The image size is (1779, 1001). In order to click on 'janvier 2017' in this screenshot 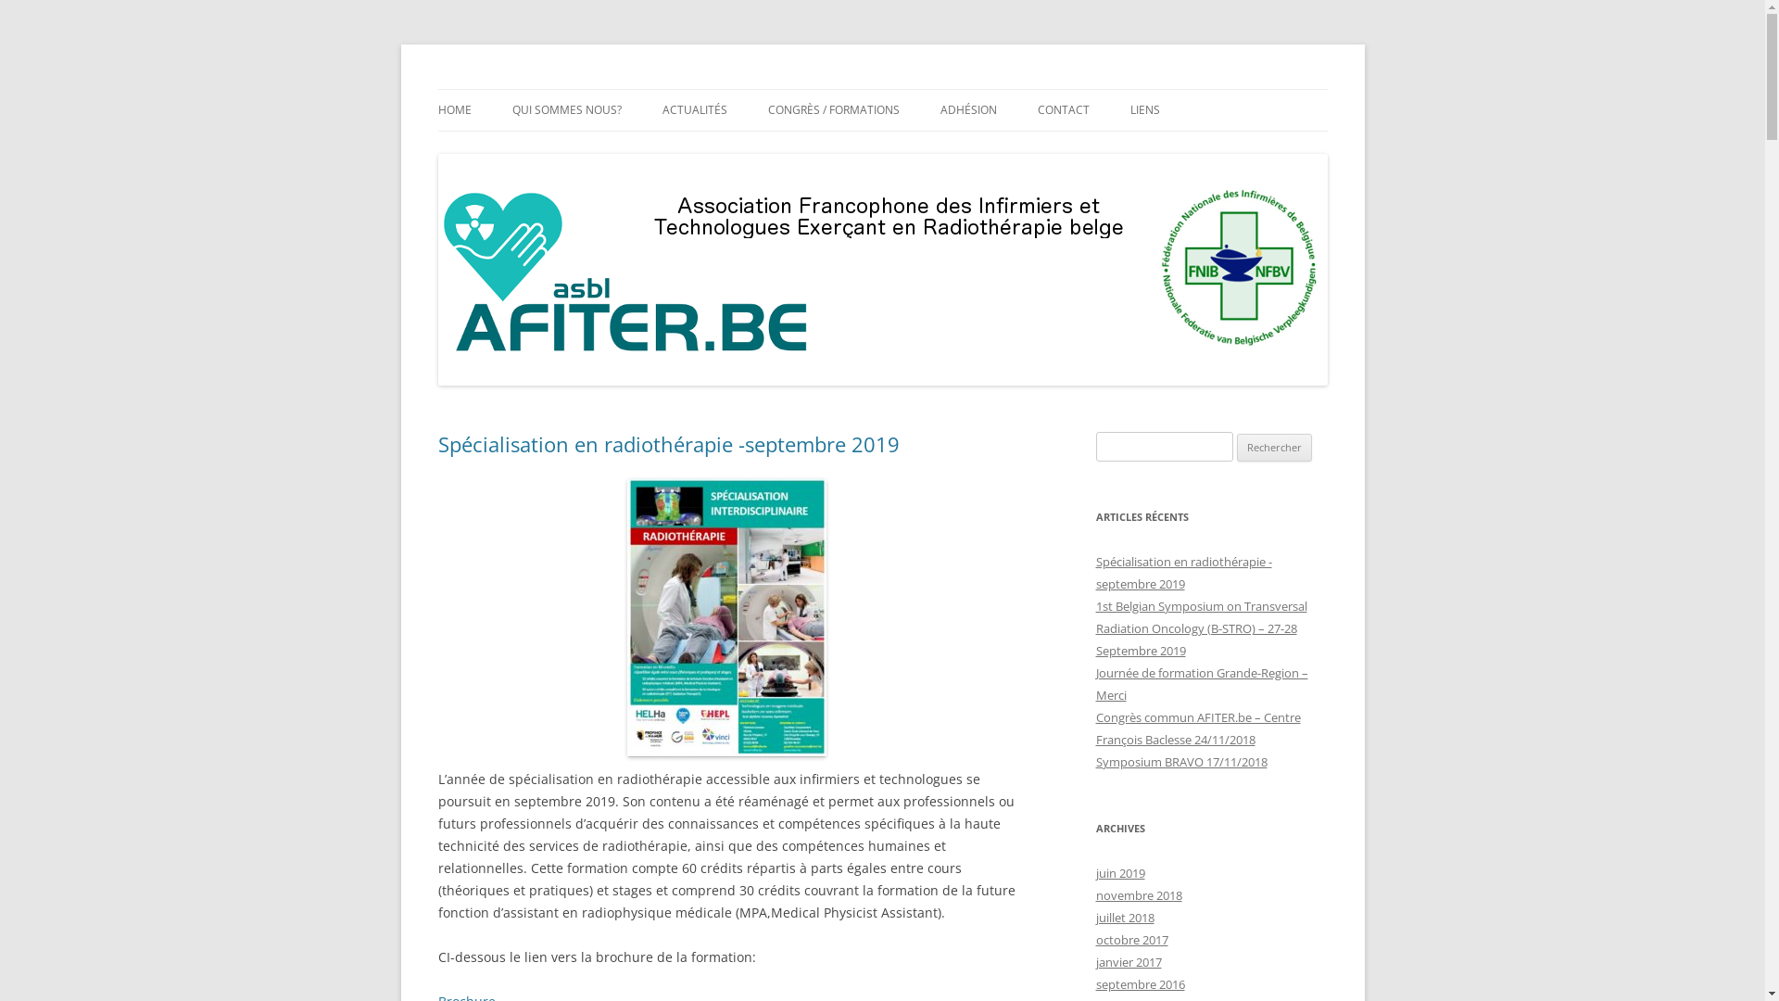, I will do `click(1127, 960)`.